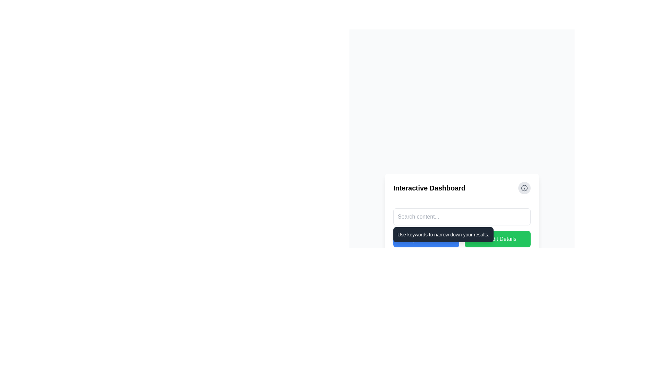  What do you see at coordinates (429, 188) in the screenshot?
I see `text displayed in the 'Interactive Dashboard' text label, which is bold and serves as a title in the top section of the panel` at bounding box center [429, 188].